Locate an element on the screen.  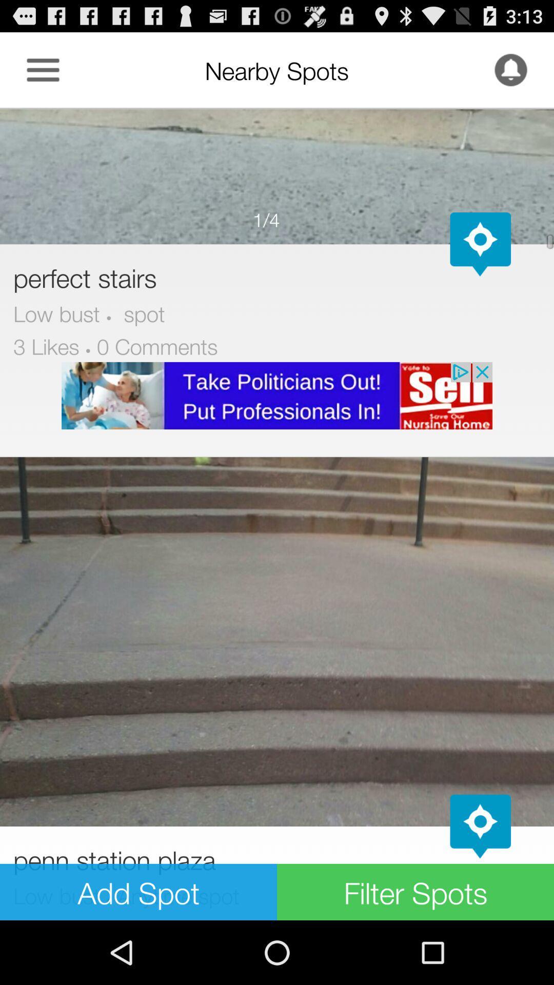
button to activate the menu is located at coordinates (43, 69).